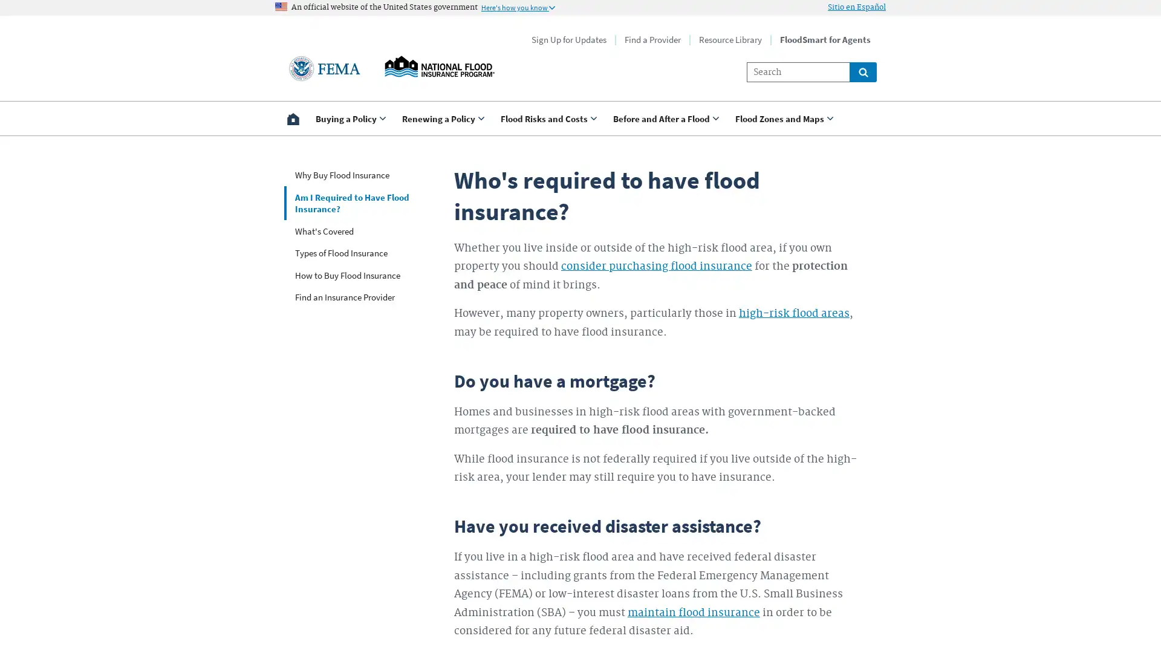  What do you see at coordinates (444, 118) in the screenshot?
I see `Use <enter> and shift + <enter> to open and close the drop down to sub-menus` at bounding box center [444, 118].